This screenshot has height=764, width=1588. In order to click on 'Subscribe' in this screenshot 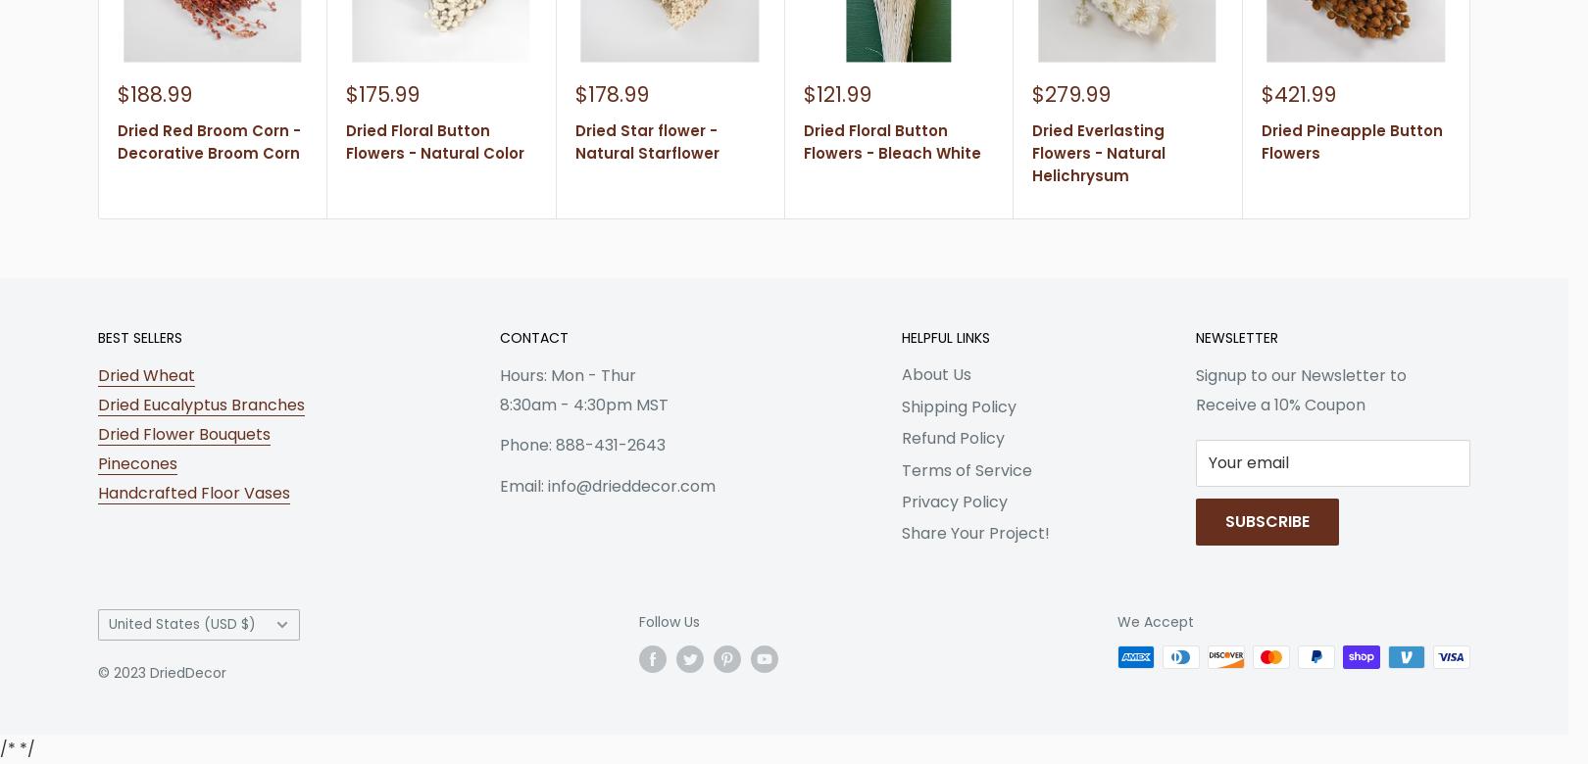, I will do `click(1266, 520)`.